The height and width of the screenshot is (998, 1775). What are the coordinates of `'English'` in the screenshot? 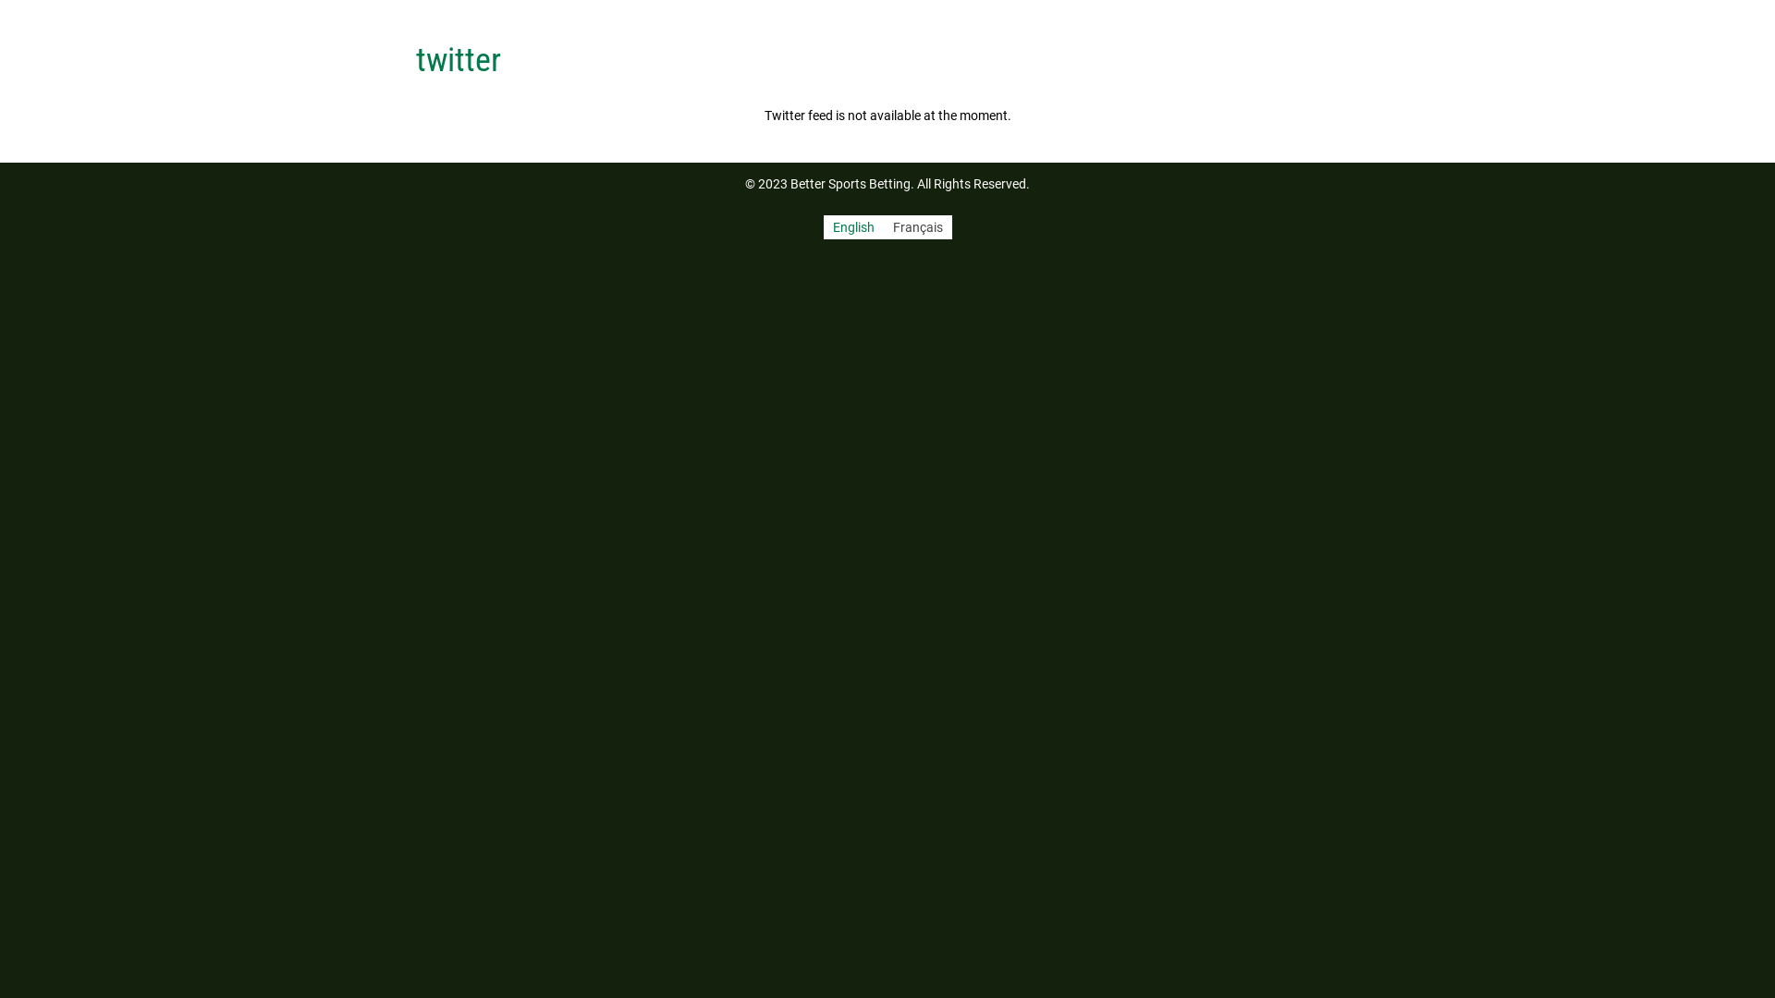 It's located at (821, 226).